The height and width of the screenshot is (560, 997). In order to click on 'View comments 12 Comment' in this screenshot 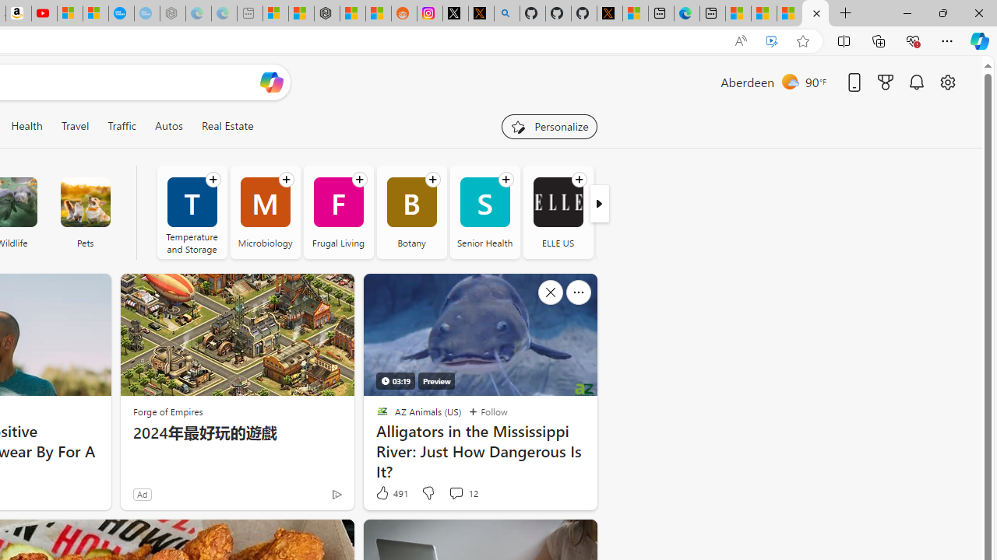, I will do `click(462, 492)`.